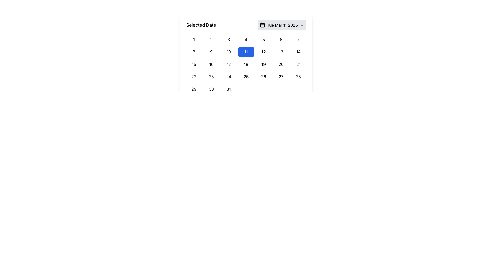  Describe the element at coordinates (263, 64) in the screenshot. I see `the button displaying '19' in the calendar grid` at that location.